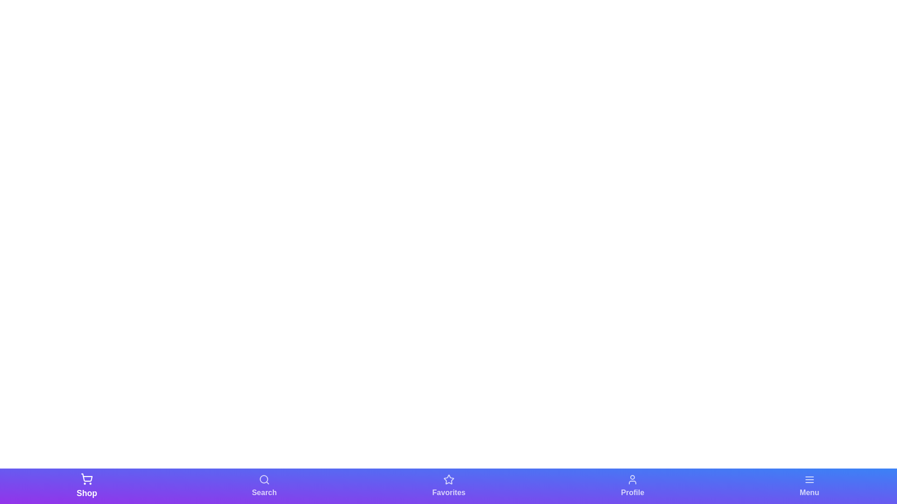  What do you see at coordinates (263, 485) in the screenshot?
I see `the Search tab in the bottom navigation bar` at bounding box center [263, 485].